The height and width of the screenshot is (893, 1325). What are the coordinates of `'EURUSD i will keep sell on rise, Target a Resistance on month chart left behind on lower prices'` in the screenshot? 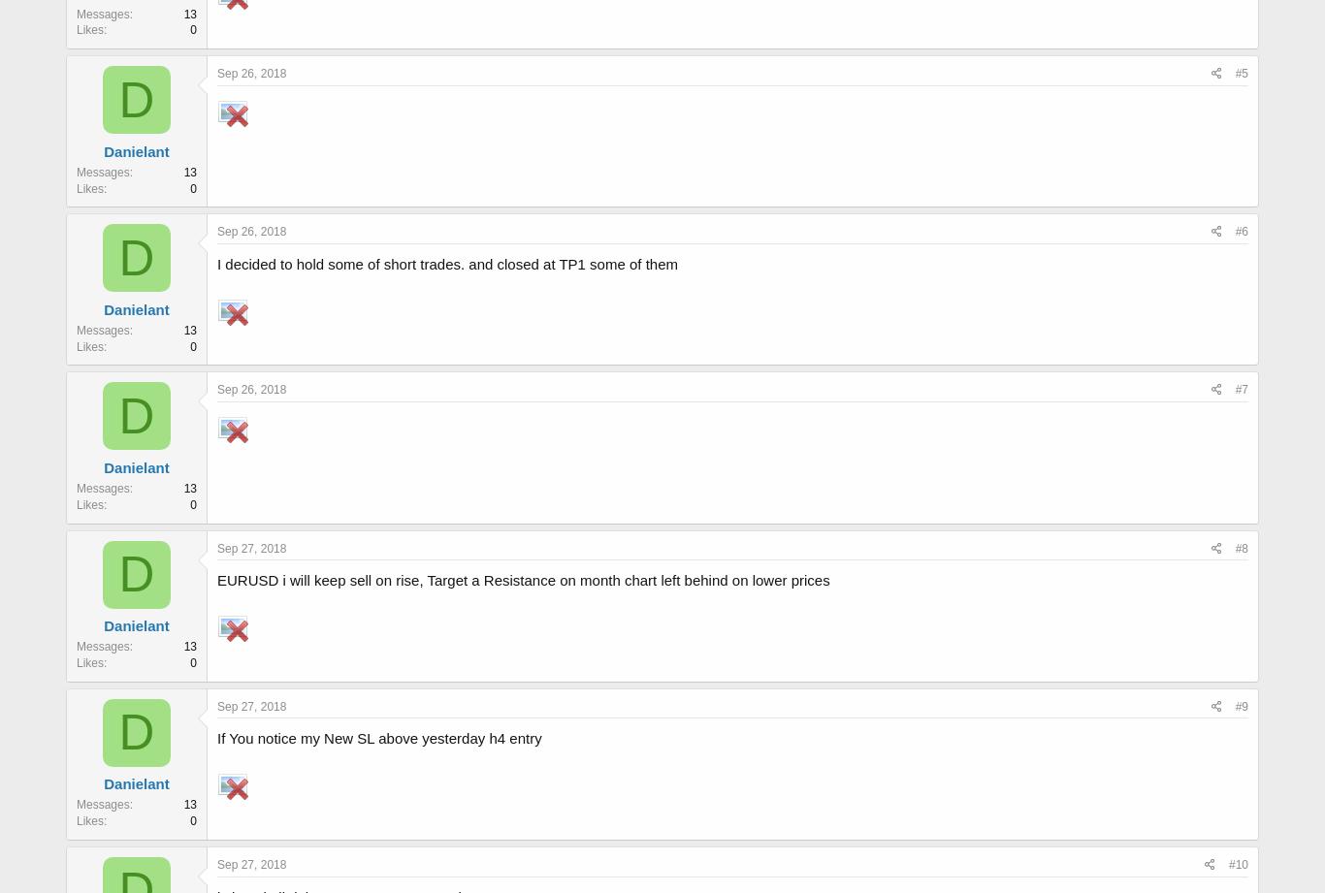 It's located at (523, 579).